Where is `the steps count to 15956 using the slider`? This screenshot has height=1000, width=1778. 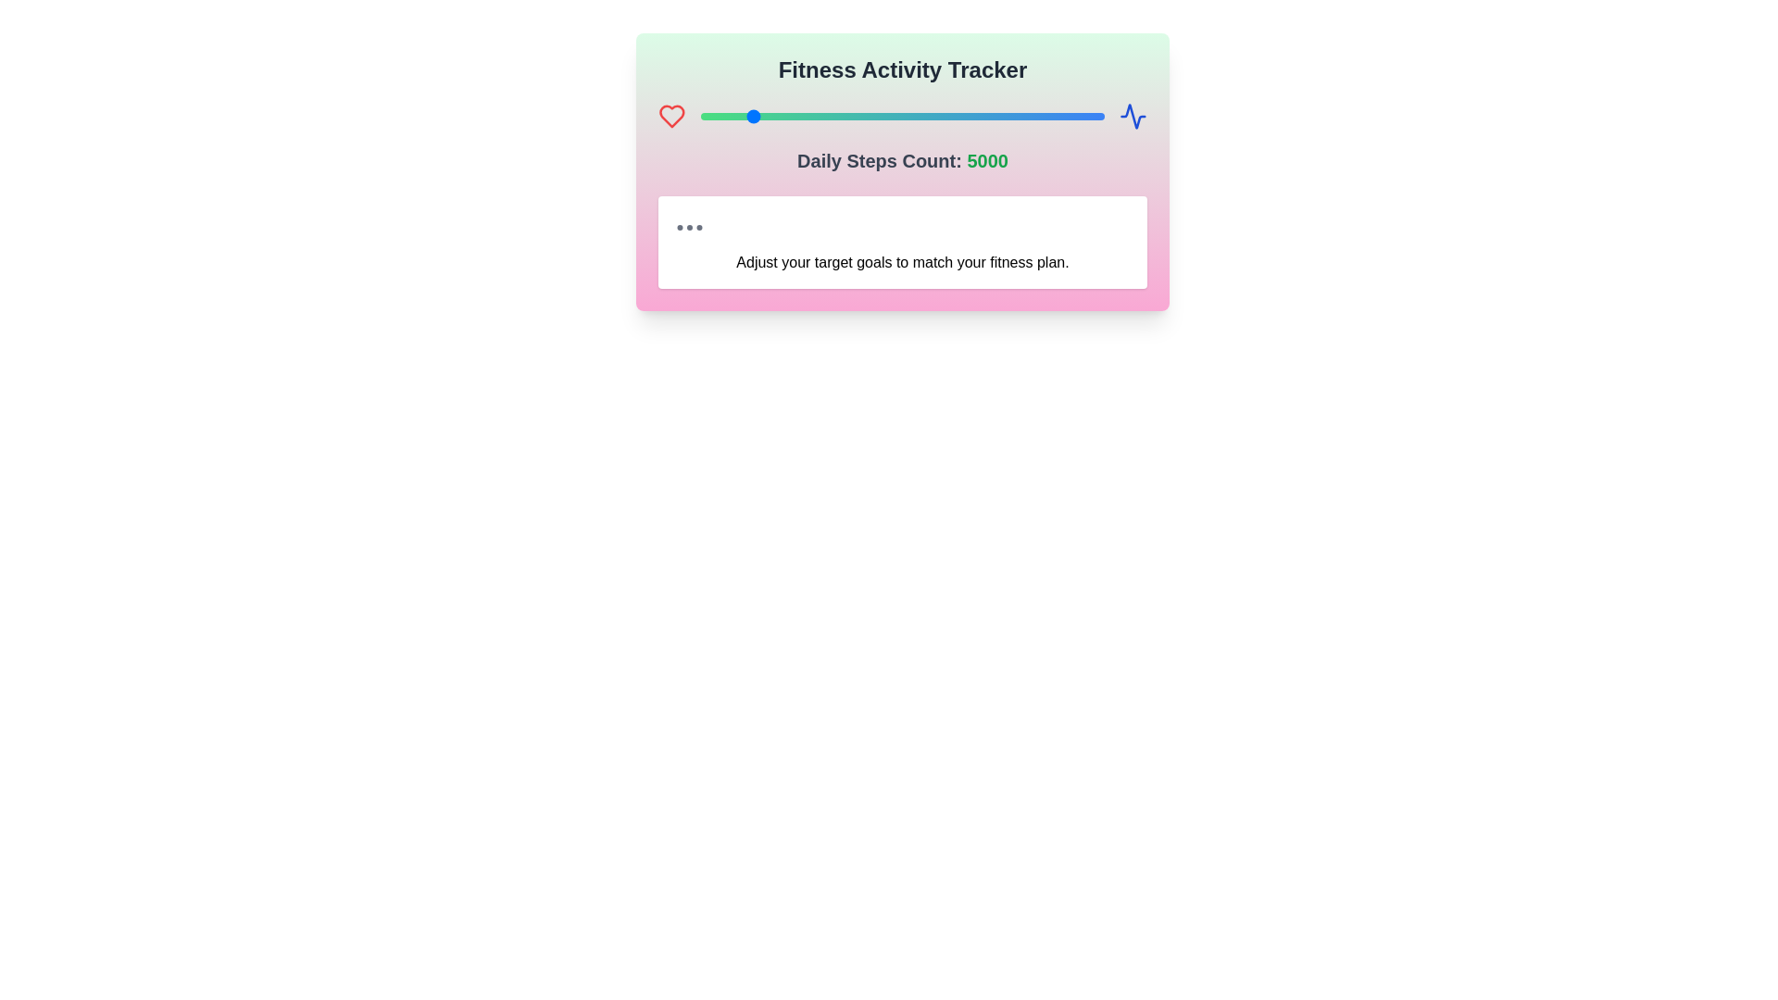 the steps count to 15956 using the slider is located at coordinates (1008, 117).